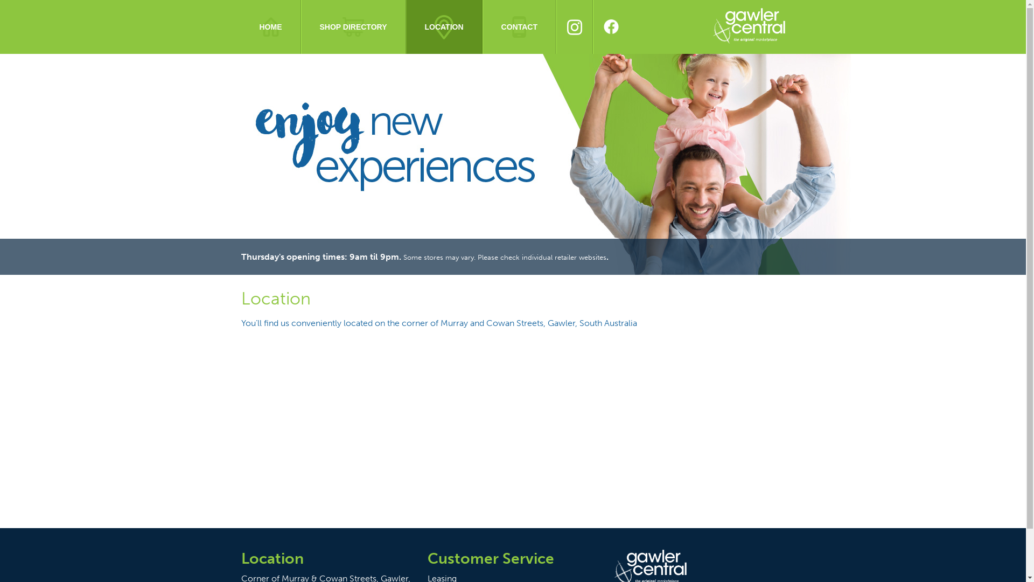  Describe the element at coordinates (482, 26) in the screenshot. I see `'CONTACT'` at that location.